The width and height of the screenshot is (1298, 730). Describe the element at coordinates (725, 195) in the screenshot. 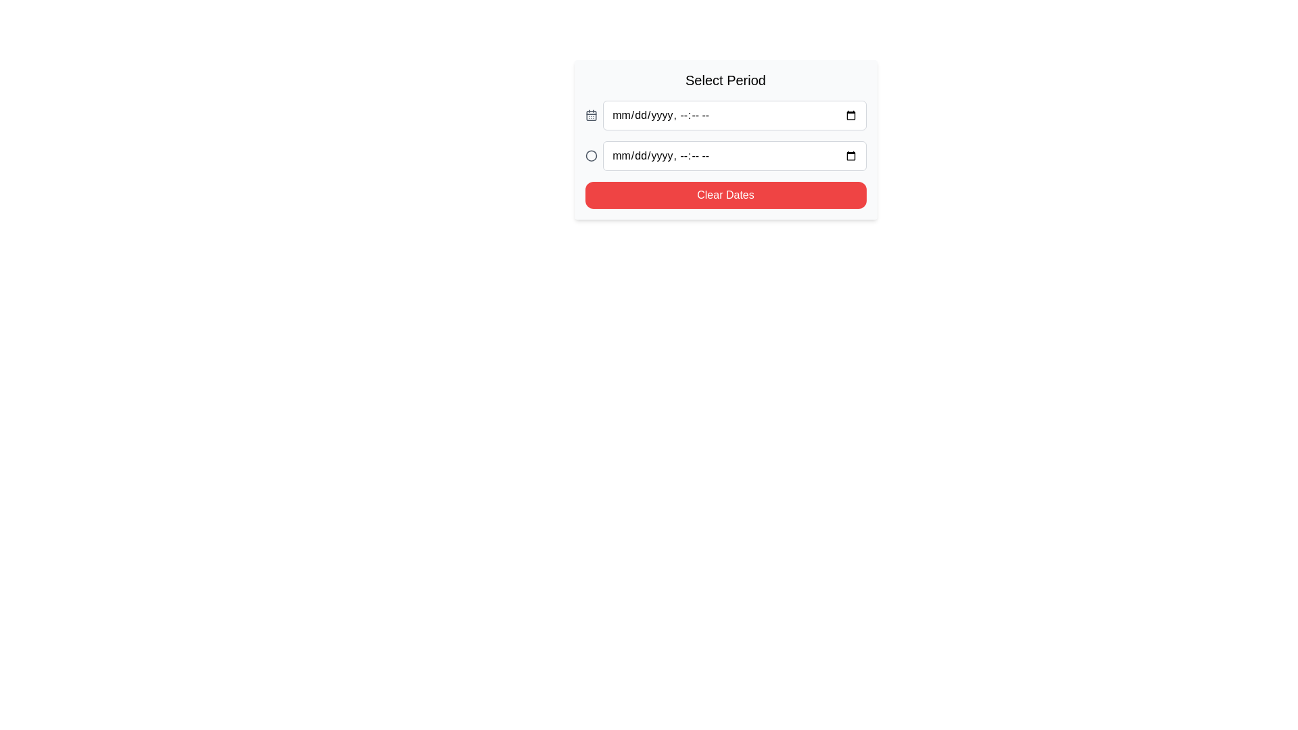

I see `the 'Clear Dates' button, which is a red rectangular button with white text at the bottom of the form layout` at that location.